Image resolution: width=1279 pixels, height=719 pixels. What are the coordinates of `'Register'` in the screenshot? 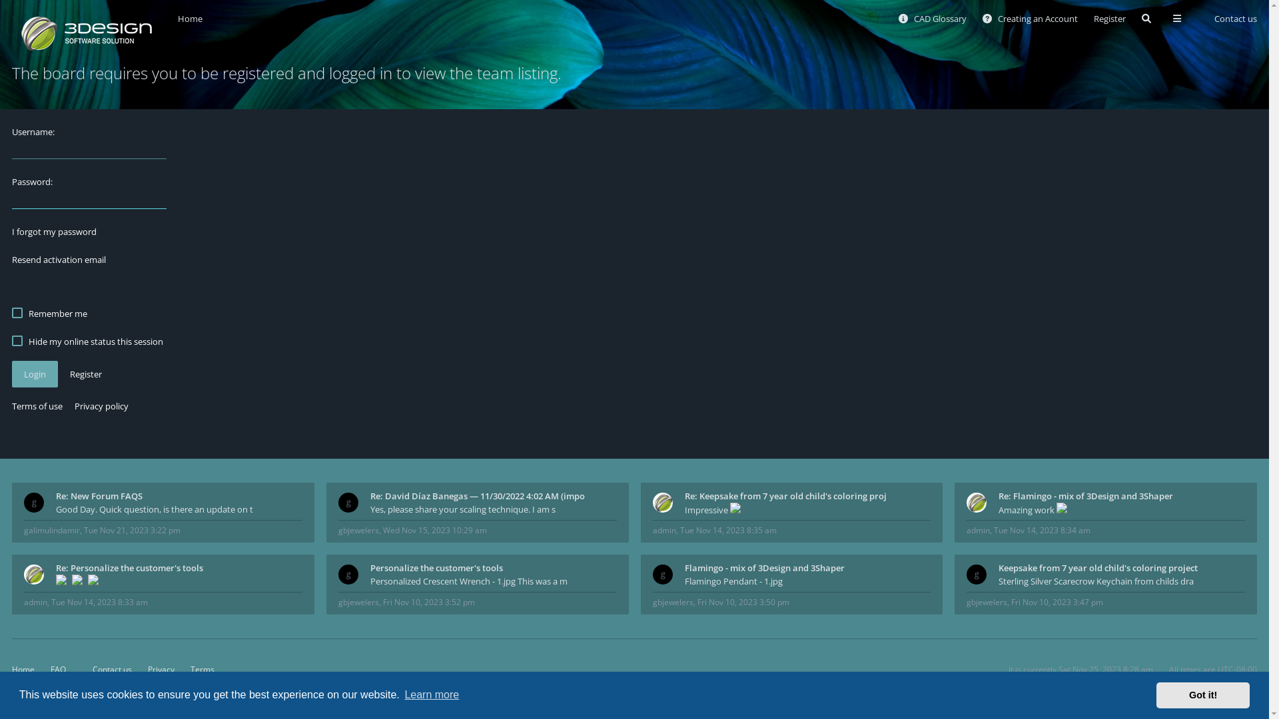 It's located at (85, 374).